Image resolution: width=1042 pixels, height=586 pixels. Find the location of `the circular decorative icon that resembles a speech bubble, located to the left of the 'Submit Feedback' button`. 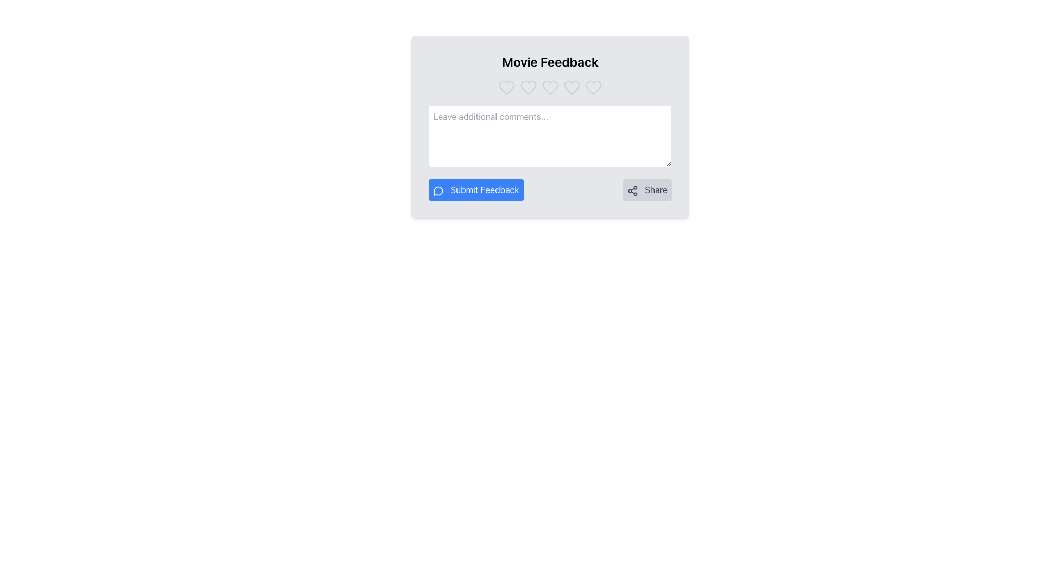

the circular decorative icon that resembles a speech bubble, located to the left of the 'Submit Feedback' button is located at coordinates (438, 190).